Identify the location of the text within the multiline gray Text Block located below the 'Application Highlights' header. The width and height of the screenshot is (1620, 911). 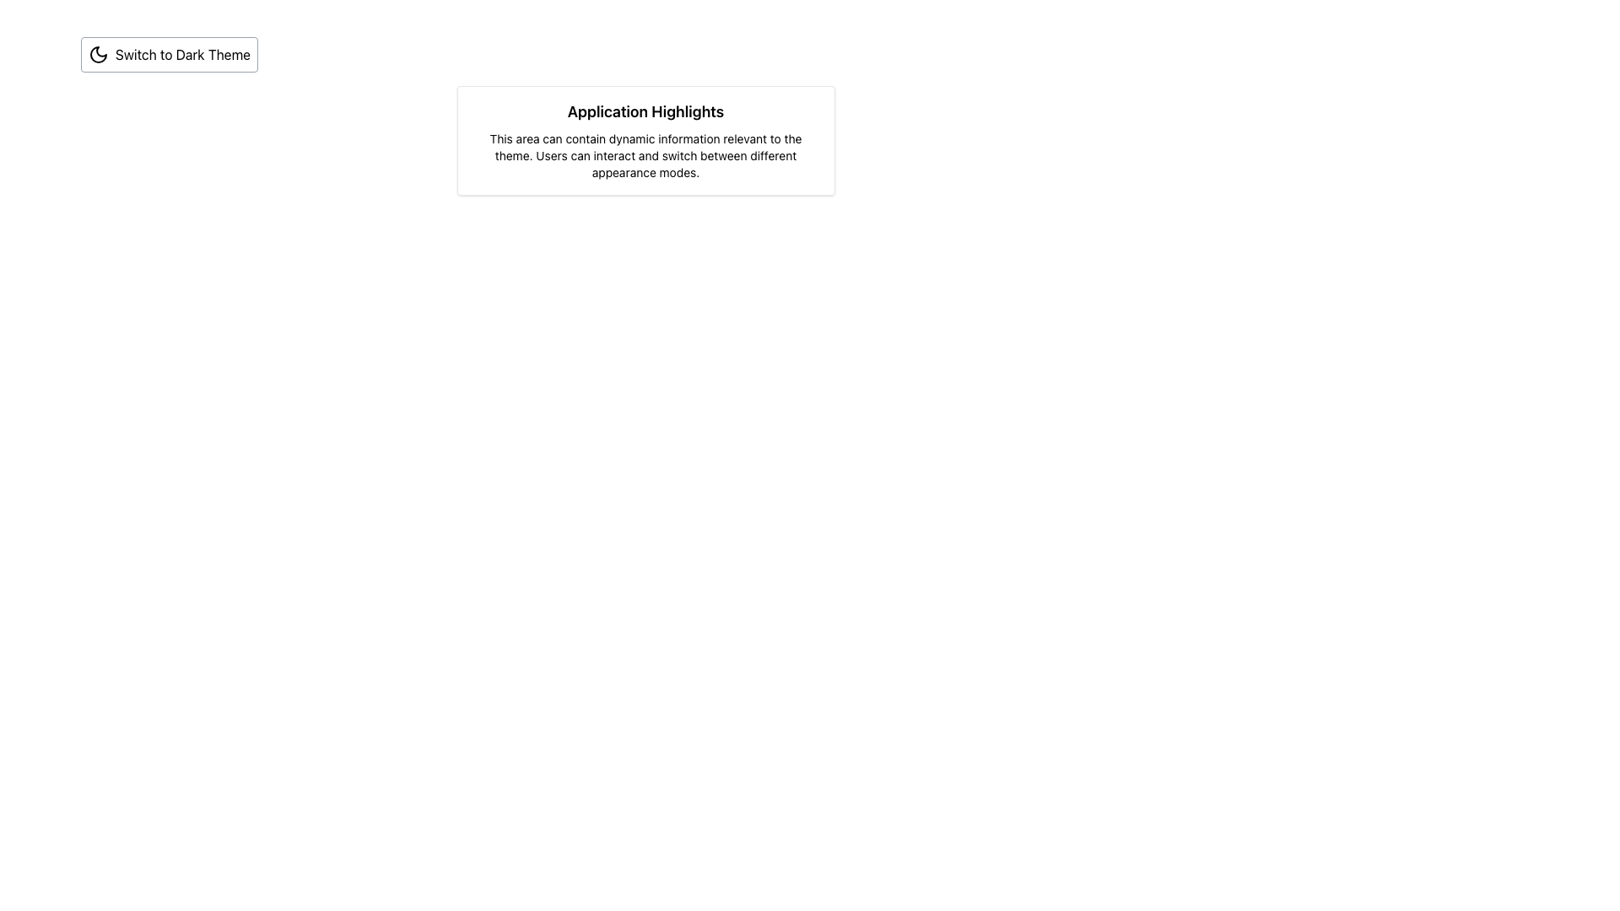
(645, 156).